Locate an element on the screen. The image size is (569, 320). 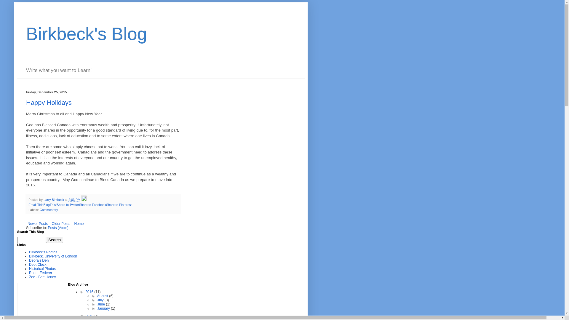
'Edit Post' is located at coordinates (84, 200).